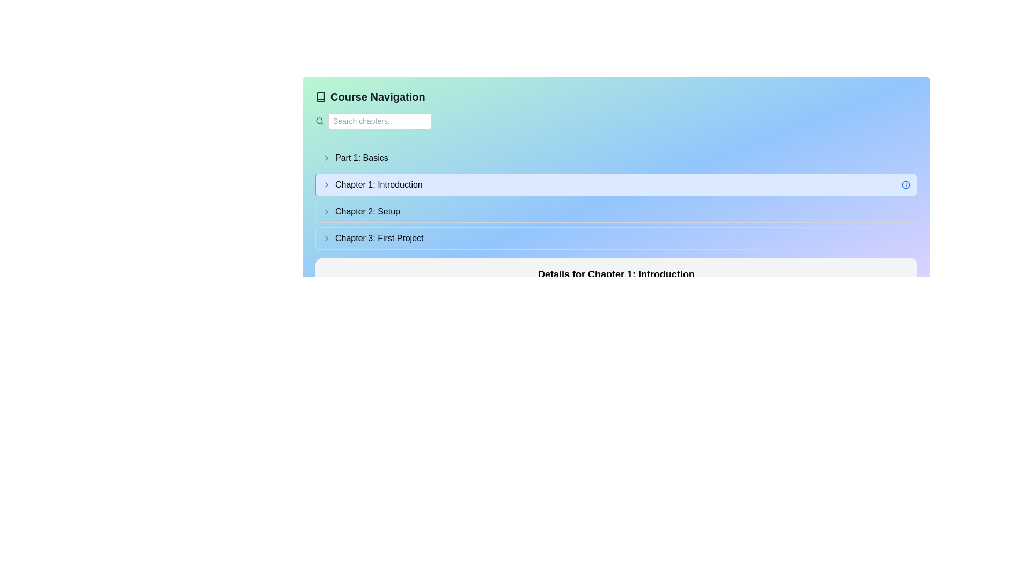 The width and height of the screenshot is (1030, 579). Describe the element at coordinates (378, 97) in the screenshot. I see `the 'Course Navigation' text label, which is styled in bold black font and positioned prominently in the UI, located to the right of a book icon` at that location.